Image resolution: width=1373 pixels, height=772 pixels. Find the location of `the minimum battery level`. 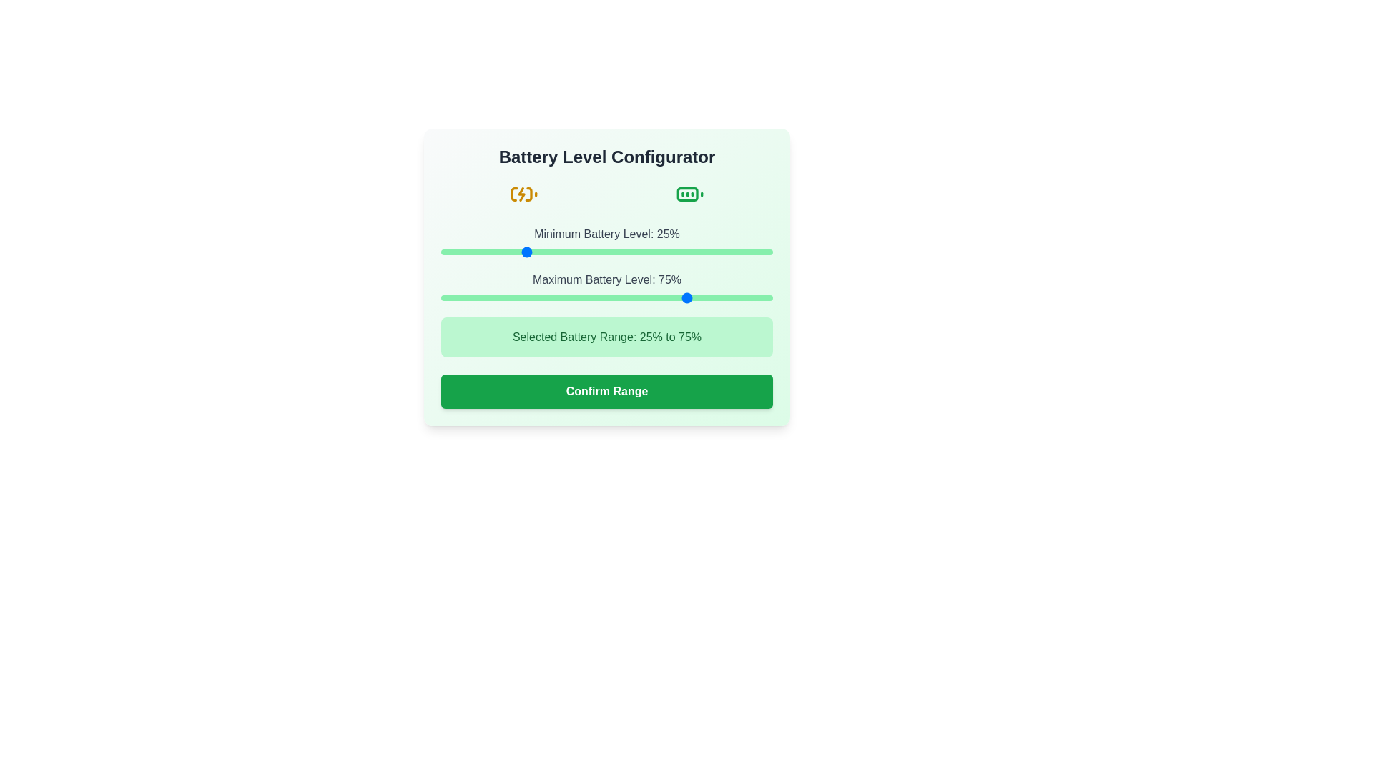

the minimum battery level is located at coordinates (686, 252).